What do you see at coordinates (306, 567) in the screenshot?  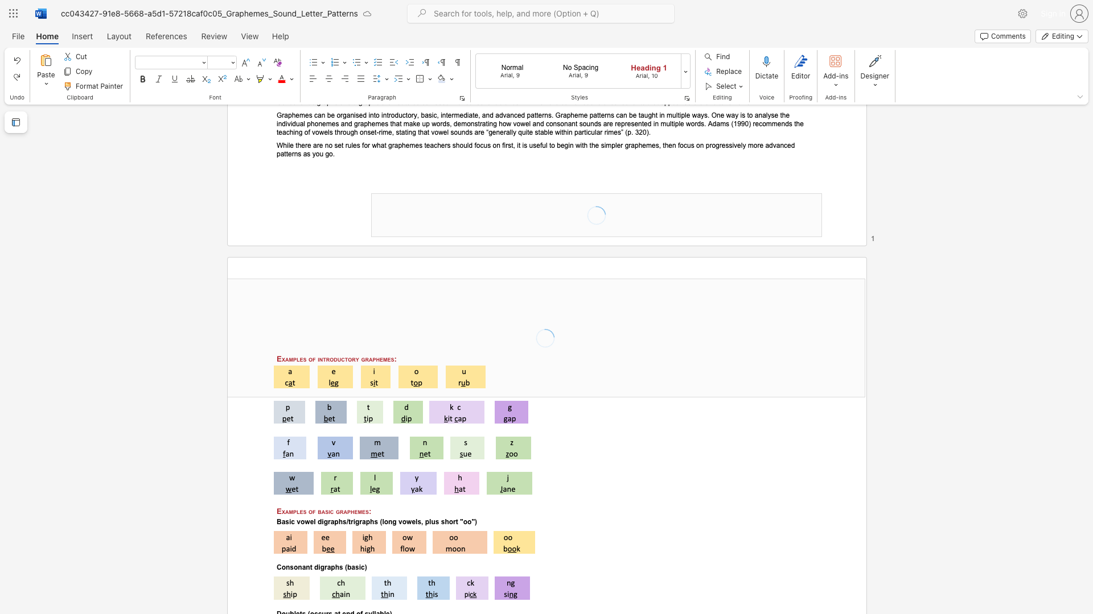 I see `the space between the continuous character "a" and "n" in the text` at bounding box center [306, 567].